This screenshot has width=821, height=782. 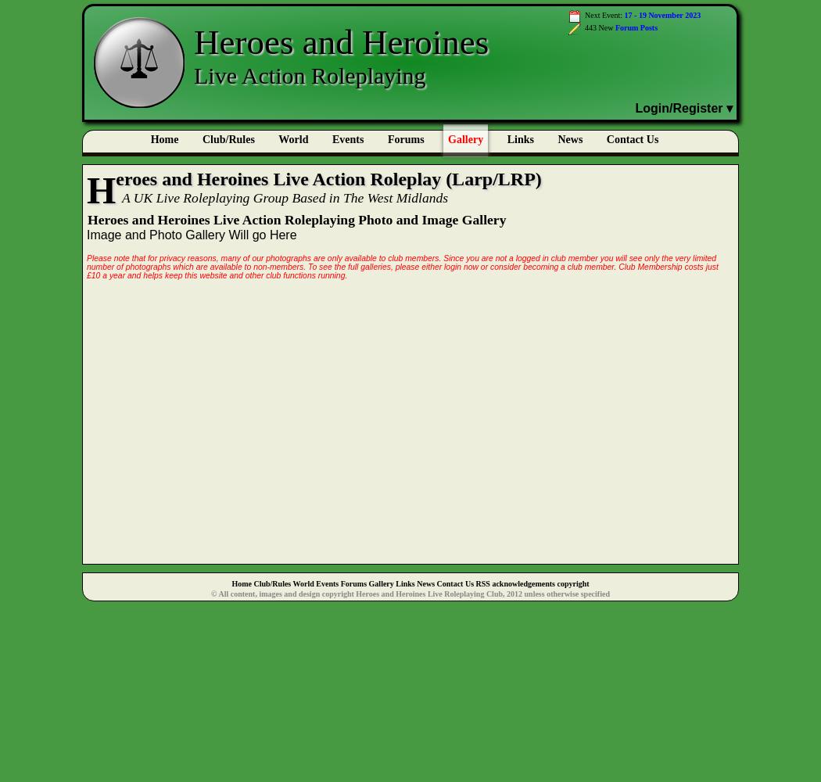 What do you see at coordinates (210, 594) in the screenshot?
I see `'© All content, images and design copyright Heroes and Heroines Live Roleplaying Club, 2012 unless otherwise specified'` at bounding box center [210, 594].